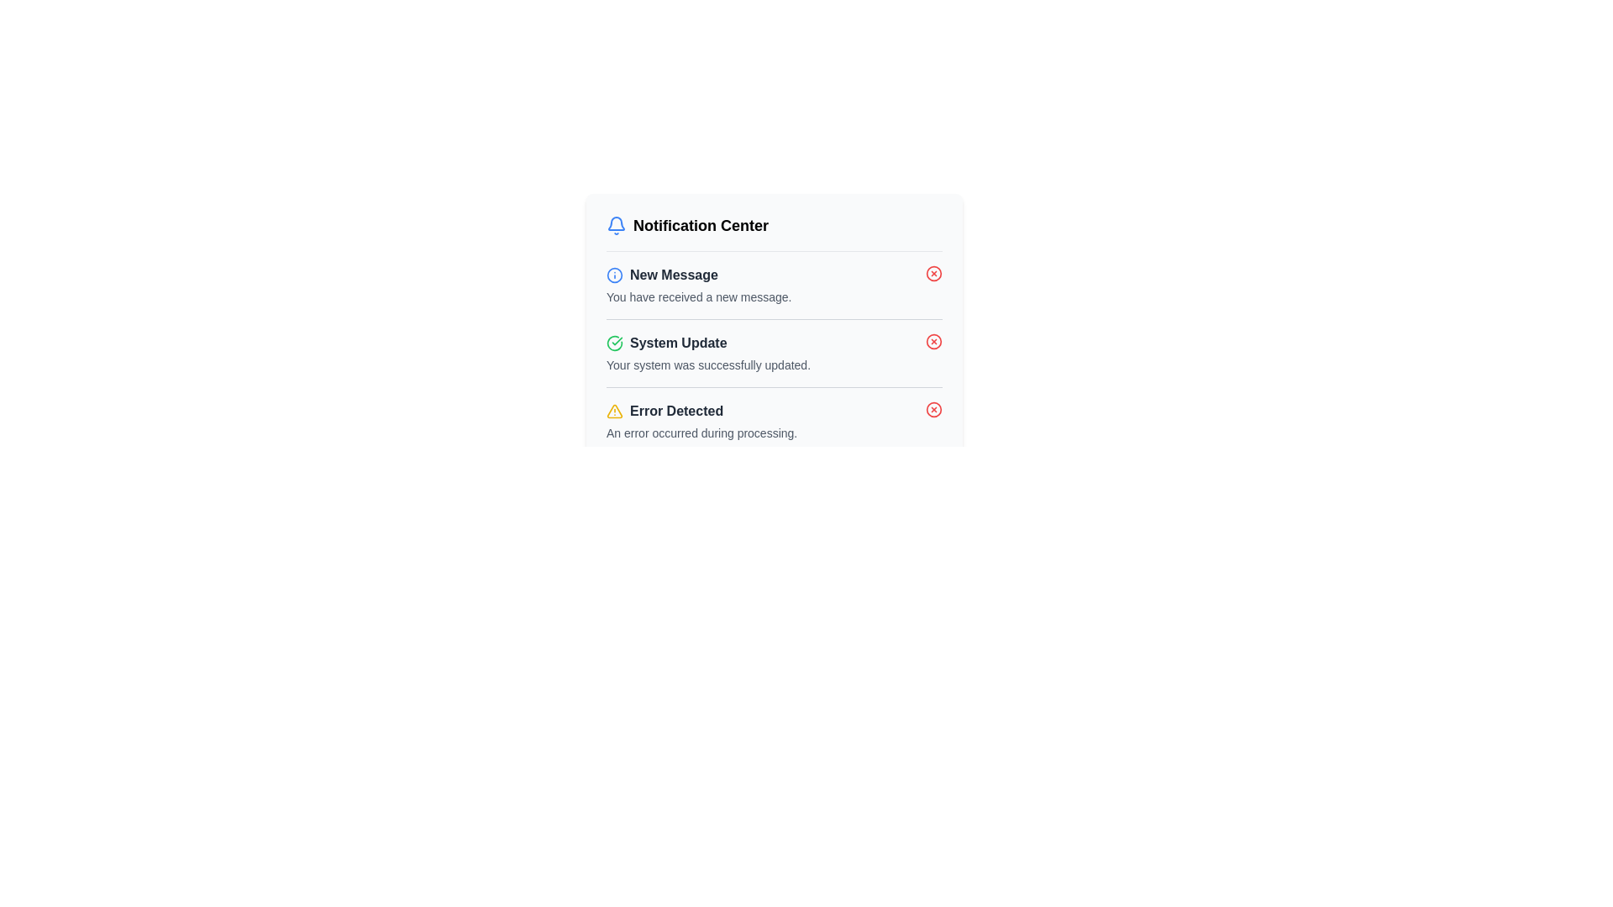 This screenshot has width=1613, height=907. I want to click on the status message text label indicating that the system update has been completed successfully, which is located below the 'System Update' title in the notification panel, so click(708, 364).